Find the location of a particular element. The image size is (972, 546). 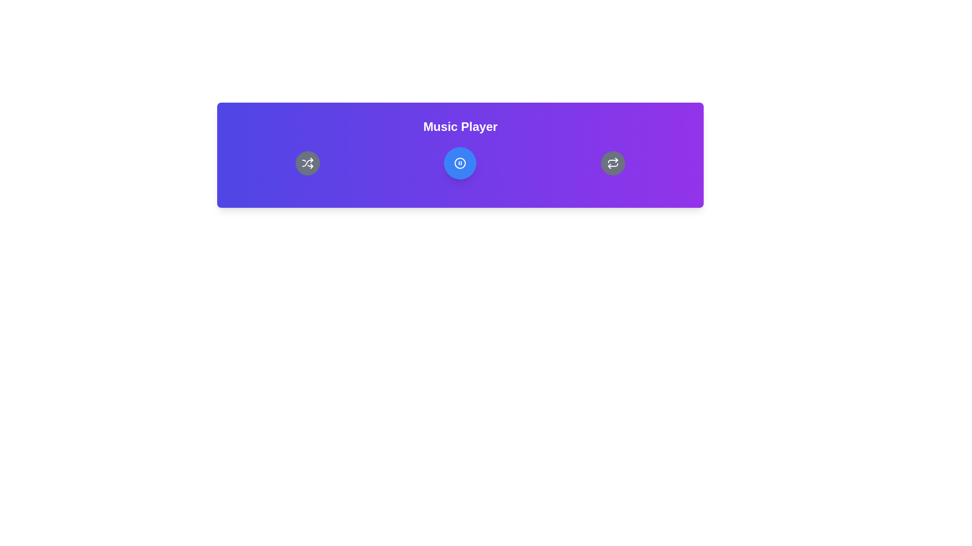

the blue circular button in the music player component is located at coordinates (460, 163).